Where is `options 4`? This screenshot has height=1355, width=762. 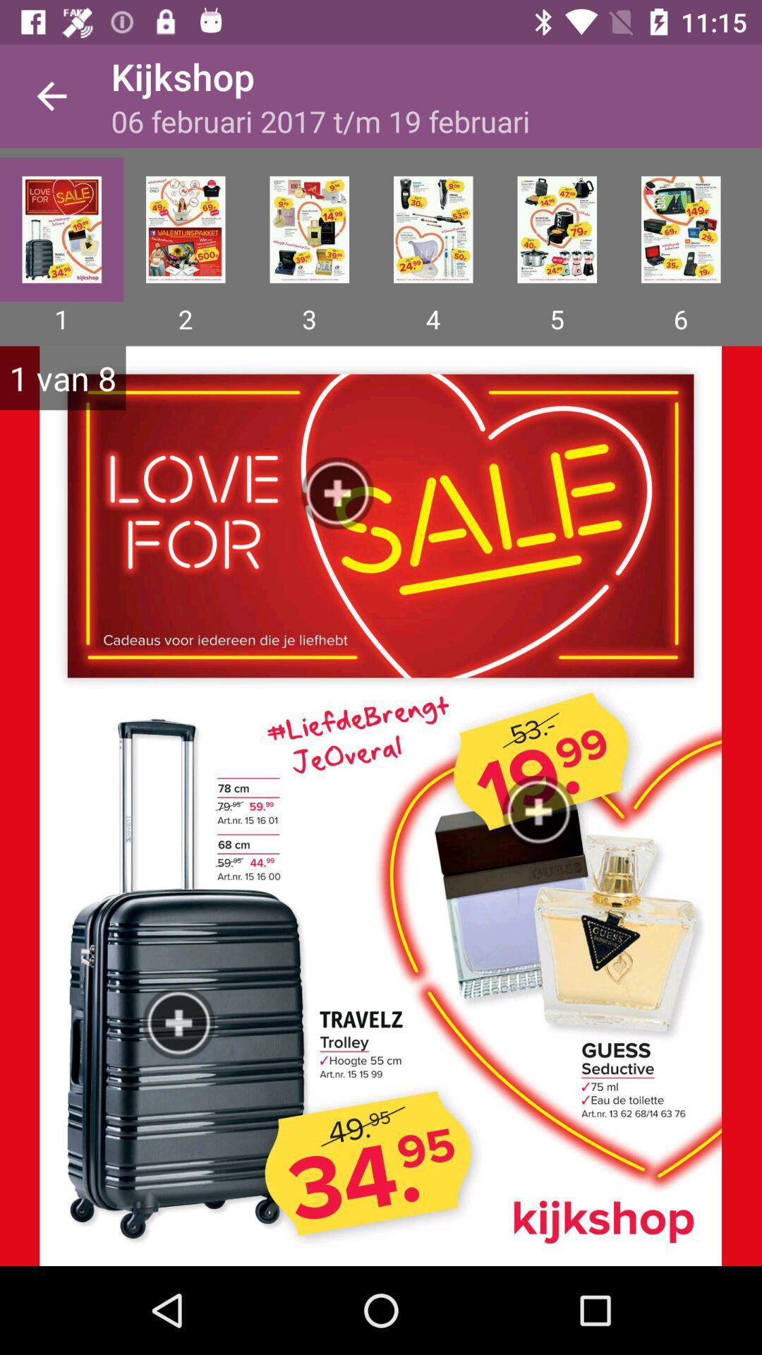 options 4 is located at coordinates (433, 229).